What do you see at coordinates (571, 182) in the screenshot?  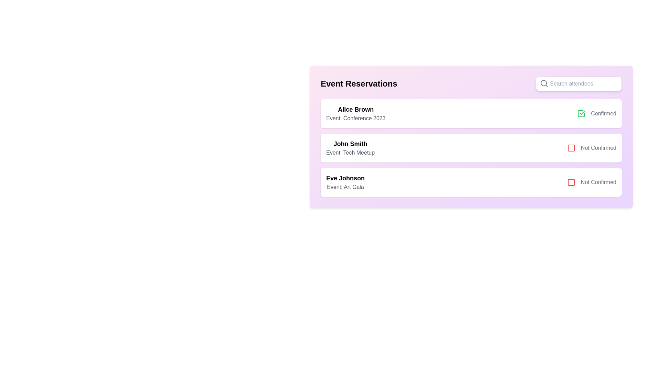 I see `the 'Not Confirmed' status icon for attendee 'Eve Johnson' located in the 'Event Reservations' section, which is the second status icon in the list` at bounding box center [571, 182].